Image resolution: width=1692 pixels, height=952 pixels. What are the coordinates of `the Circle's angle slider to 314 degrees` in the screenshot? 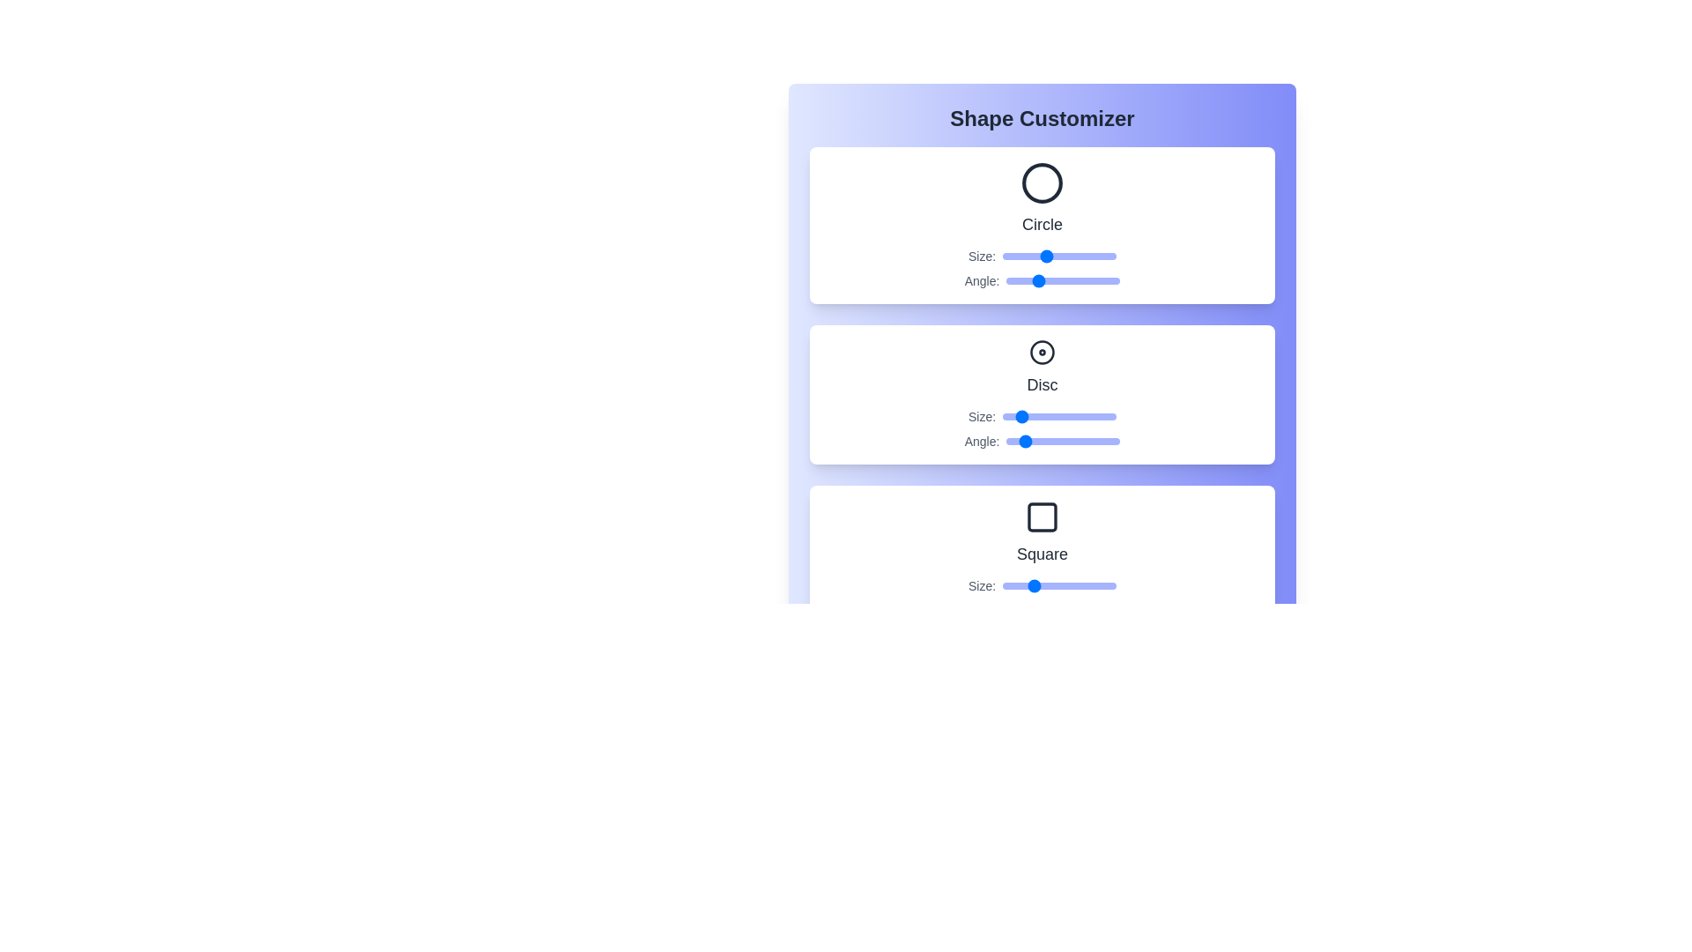 It's located at (1104, 280).